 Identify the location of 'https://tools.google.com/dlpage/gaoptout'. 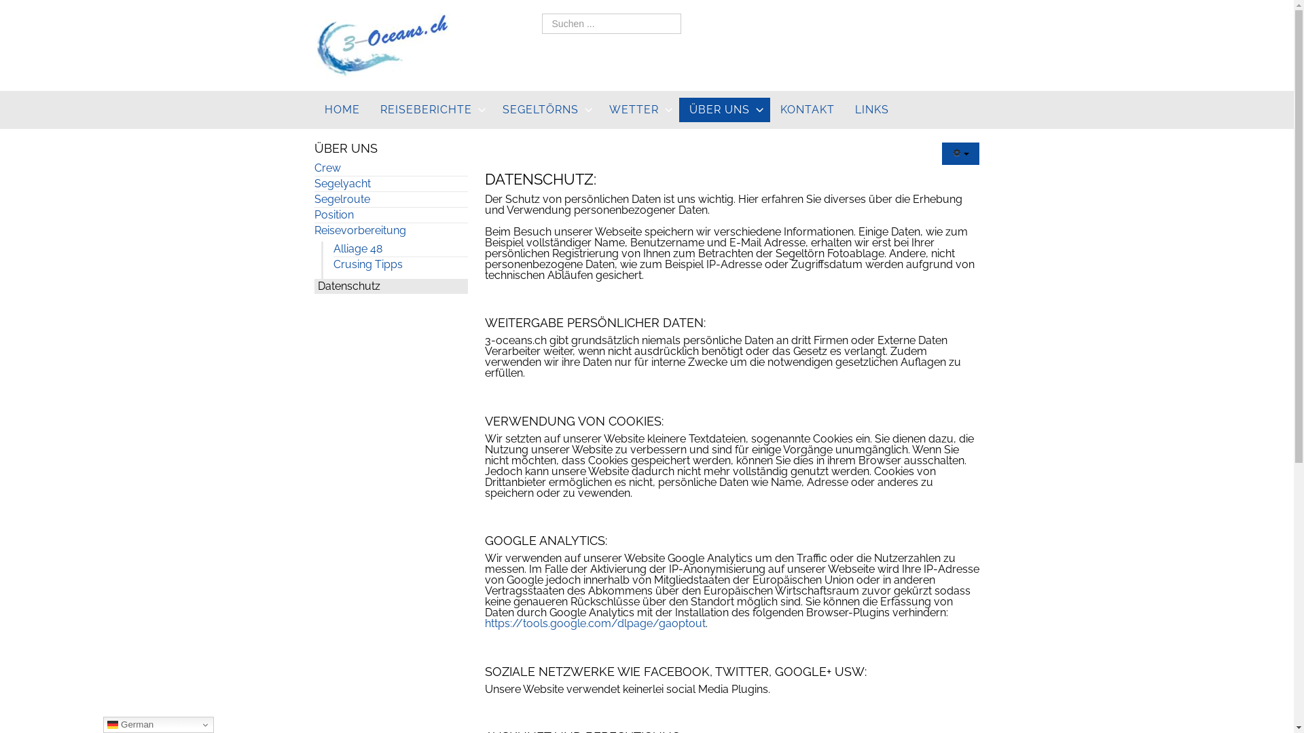
(595, 623).